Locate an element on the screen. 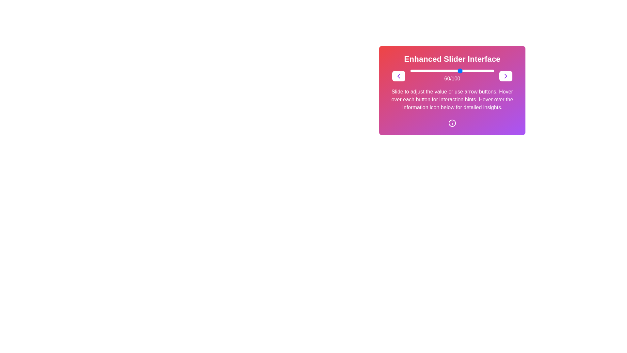  the slider is located at coordinates (460, 71).